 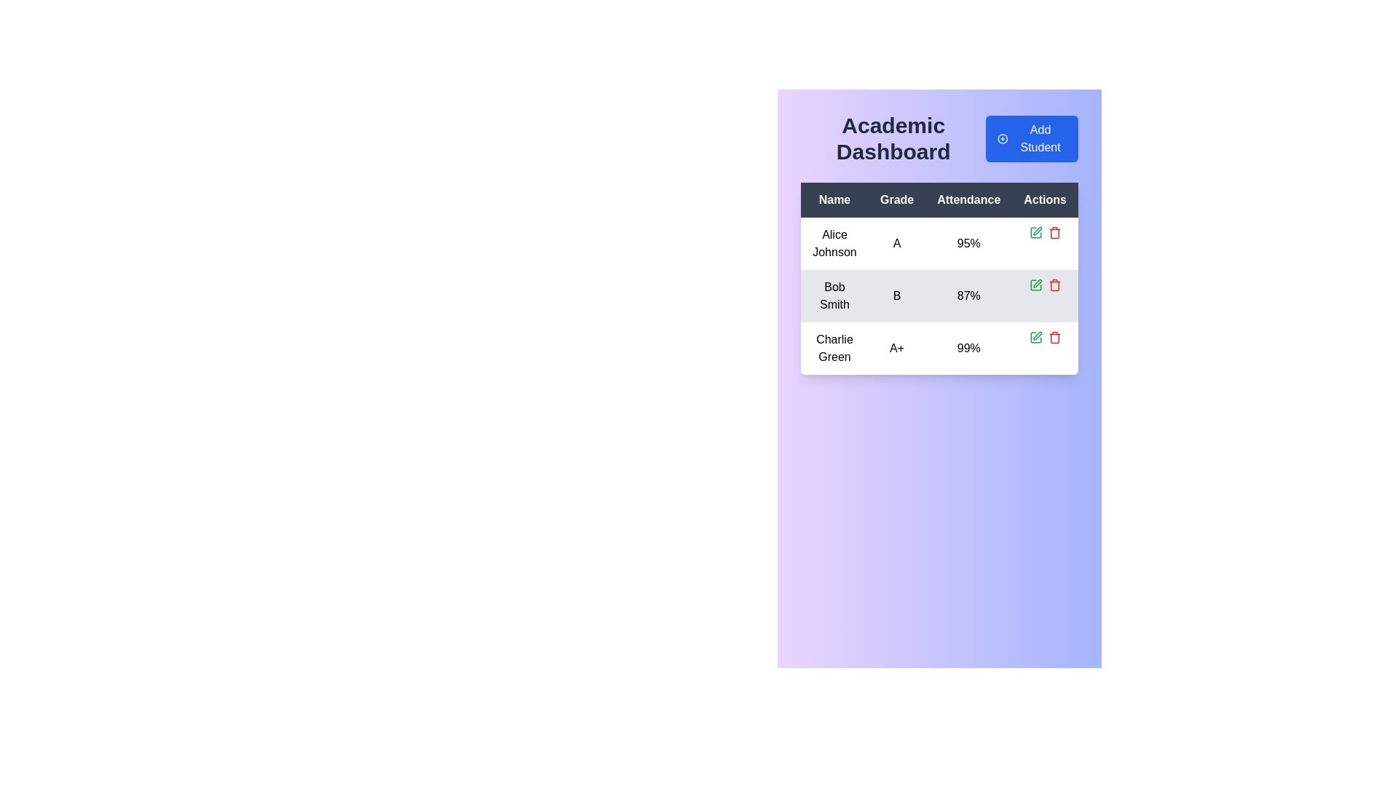 What do you see at coordinates (1035, 285) in the screenshot?
I see `the green pen-shaped icon located in the 'Actions' column of the second row for the entry 'Bob Smith' to initiate an edit action` at bounding box center [1035, 285].